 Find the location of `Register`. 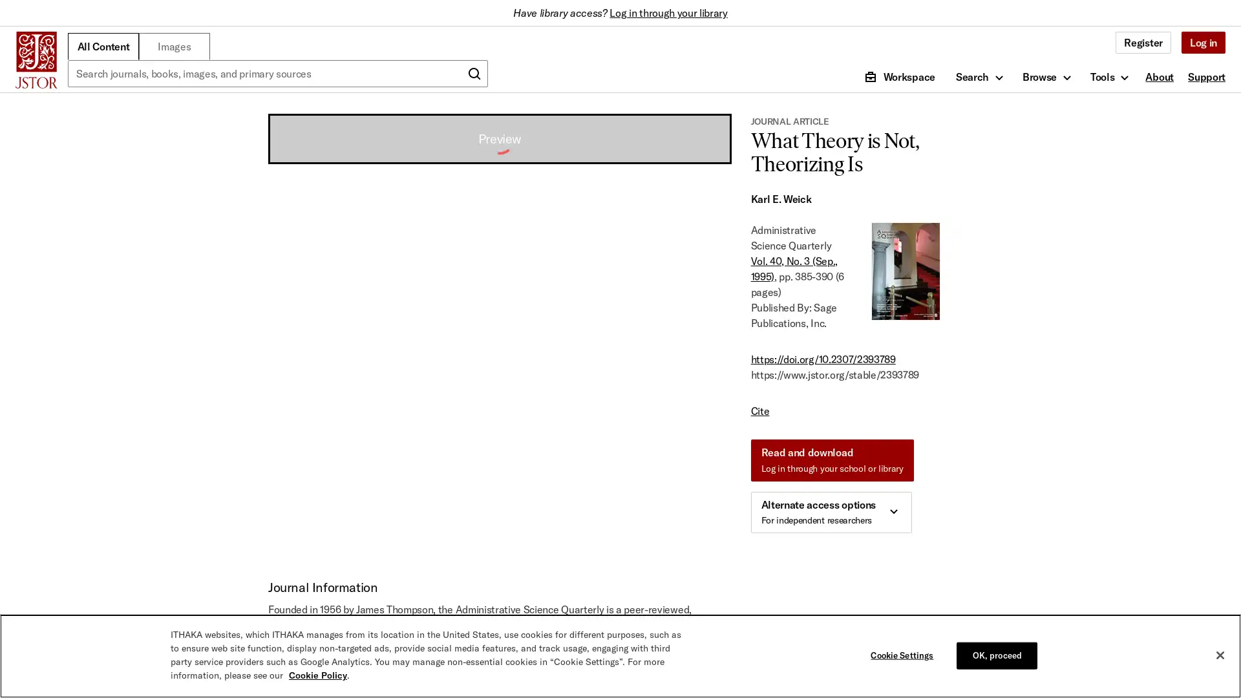

Register is located at coordinates (1143, 41).